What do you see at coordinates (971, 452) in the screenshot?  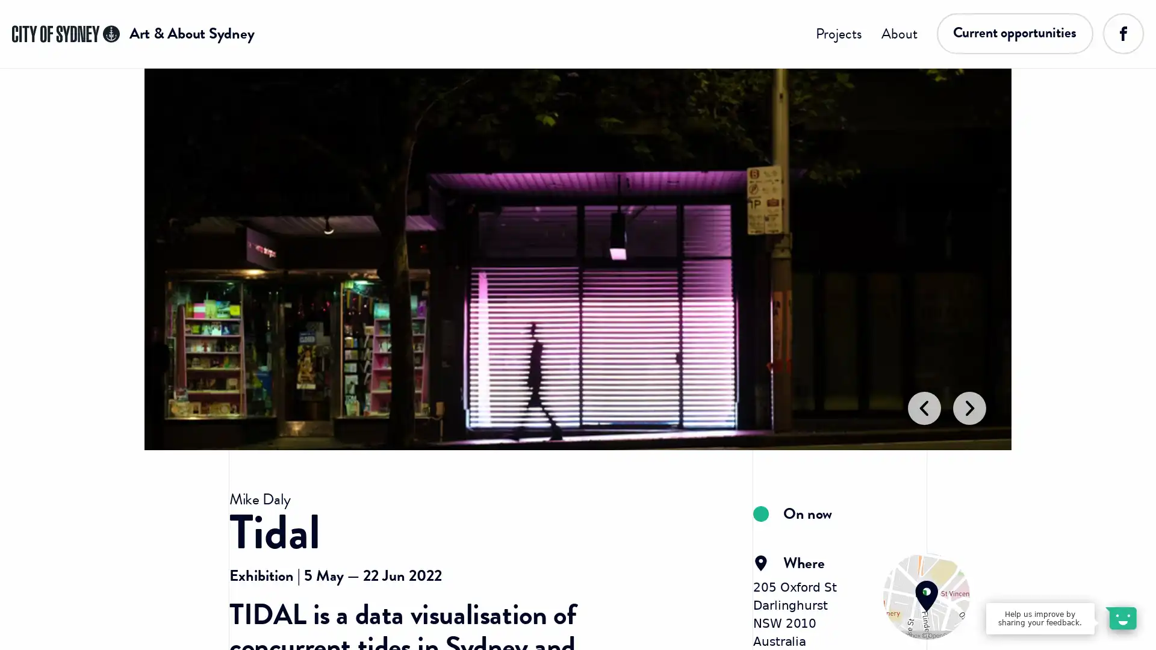 I see `Next Slide` at bounding box center [971, 452].